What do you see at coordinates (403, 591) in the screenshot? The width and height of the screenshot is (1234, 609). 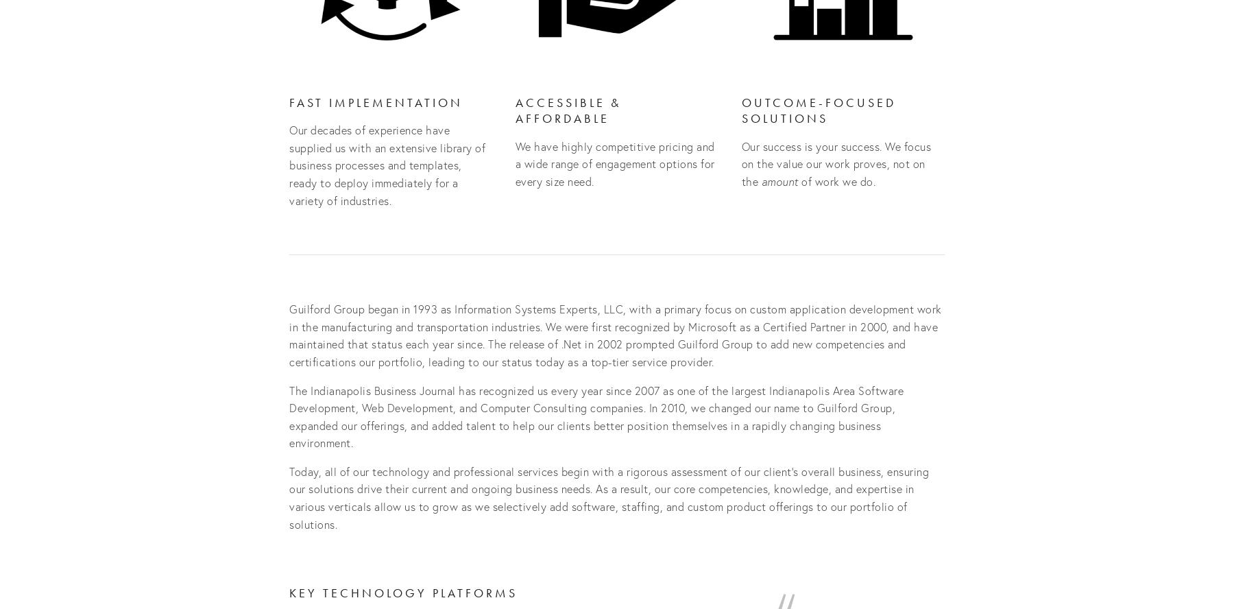 I see `'Key Technology Platforms'` at bounding box center [403, 591].